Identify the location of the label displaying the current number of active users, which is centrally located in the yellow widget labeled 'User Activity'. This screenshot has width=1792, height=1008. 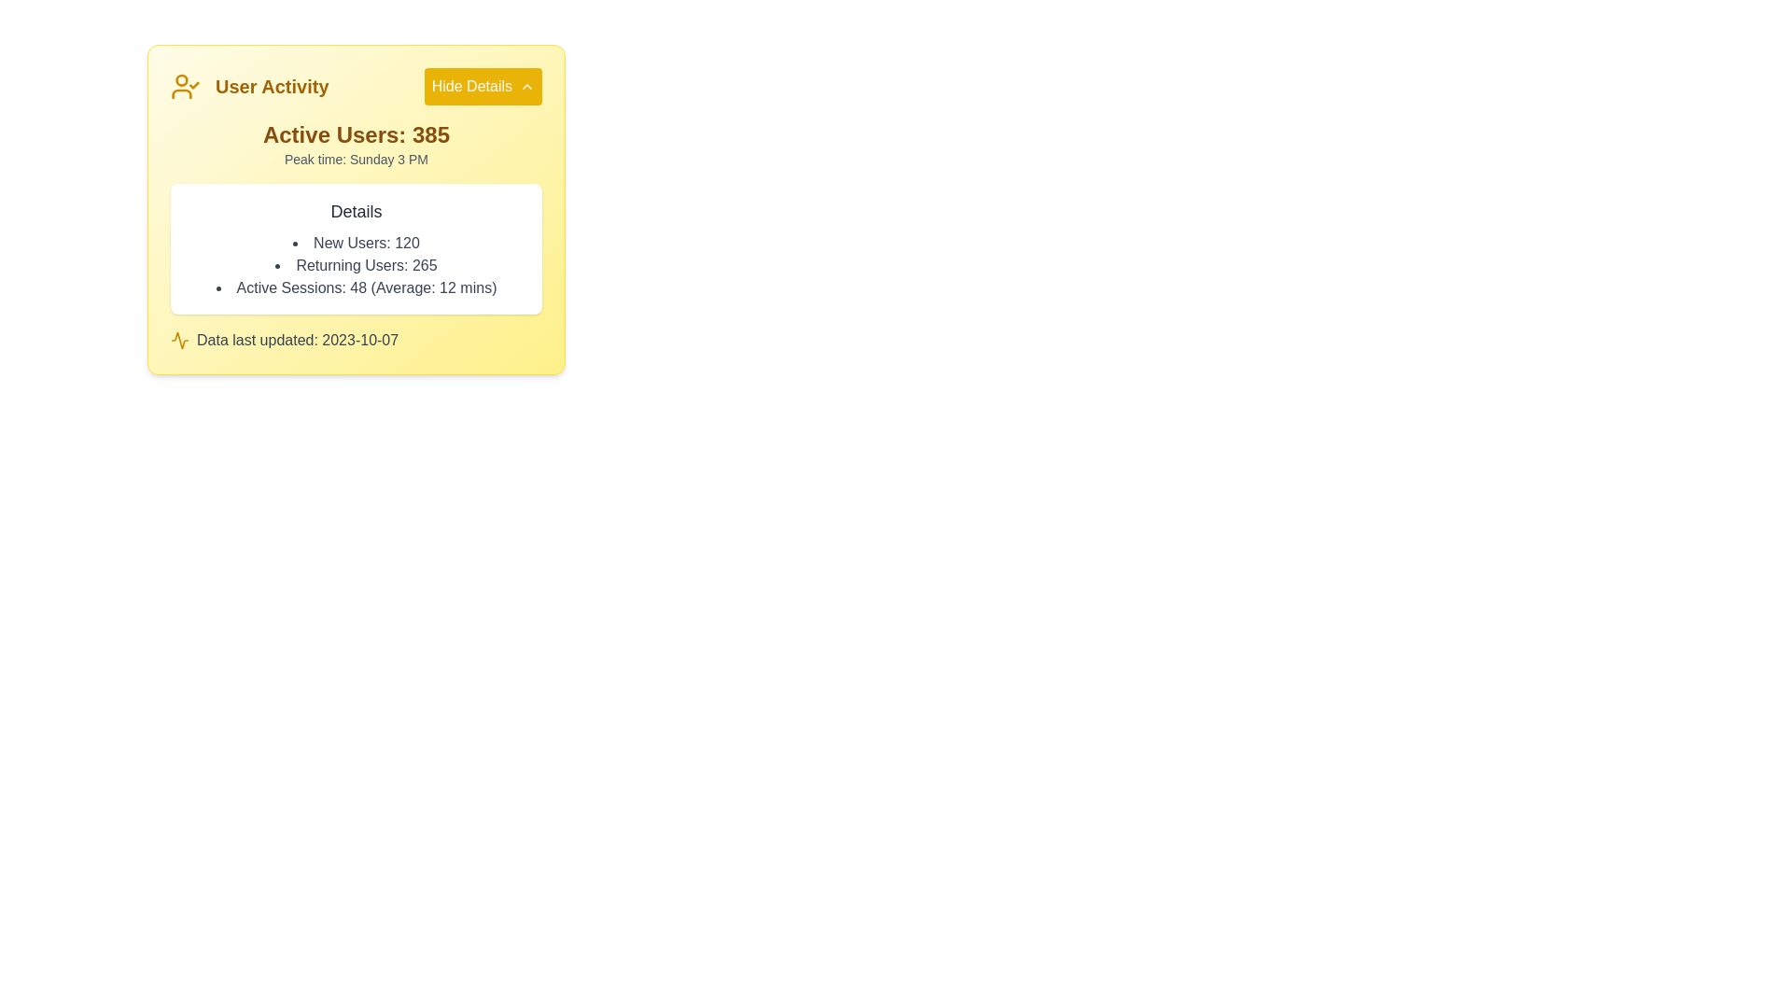
(357, 134).